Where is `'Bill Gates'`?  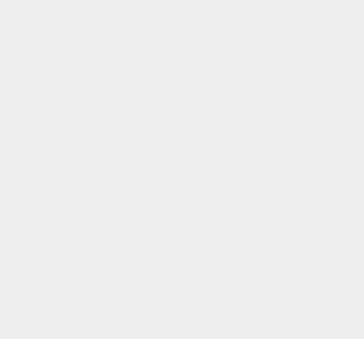
'Bill Gates' is located at coordinates (257, 194).